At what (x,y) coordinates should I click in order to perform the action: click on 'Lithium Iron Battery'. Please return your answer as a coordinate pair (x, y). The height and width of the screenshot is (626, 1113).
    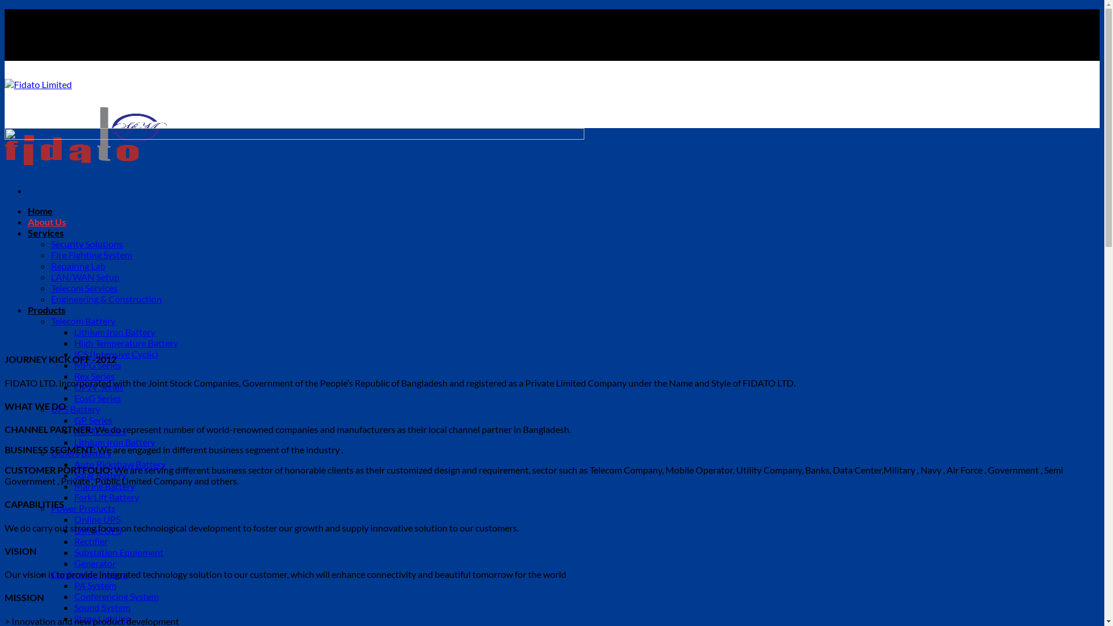
    Looking at the image, I should click on (114, 332).